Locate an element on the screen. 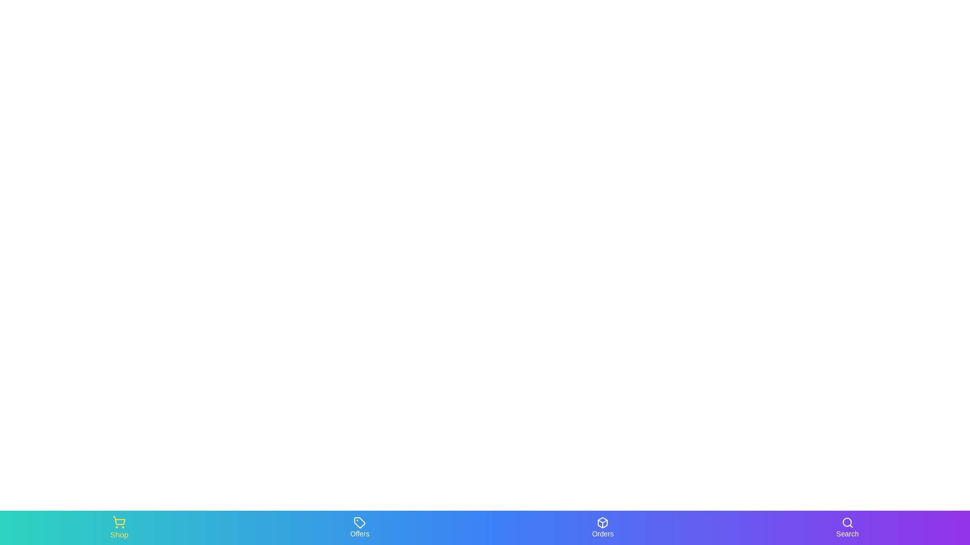 Image resolution: width=970 pixels, height=545 pixels. the Orders tab is located at coordinates (603, 527).